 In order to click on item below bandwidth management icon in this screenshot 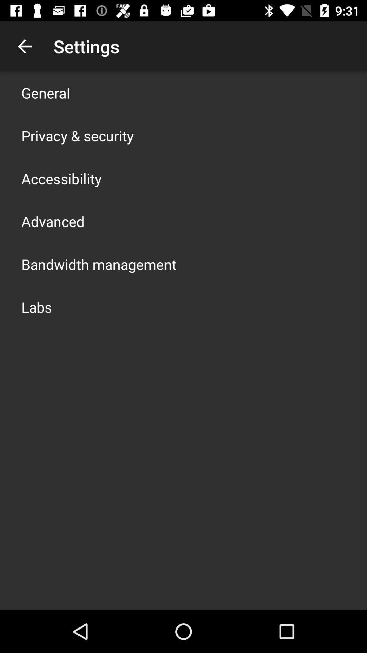, I will do `click(37, 306)`.